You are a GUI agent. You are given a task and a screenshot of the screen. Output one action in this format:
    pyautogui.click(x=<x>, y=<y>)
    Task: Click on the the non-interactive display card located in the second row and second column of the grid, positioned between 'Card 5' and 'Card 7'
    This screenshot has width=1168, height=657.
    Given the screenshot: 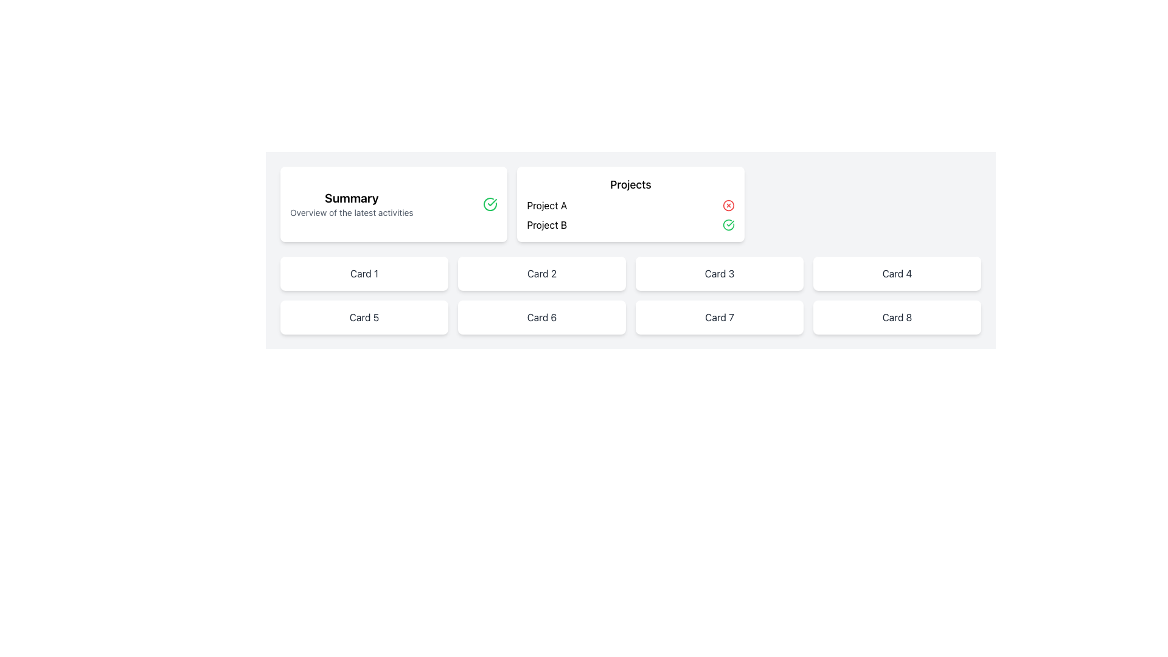 What is the action you would take?
    pyautogui.click(x=541, y=316)
    